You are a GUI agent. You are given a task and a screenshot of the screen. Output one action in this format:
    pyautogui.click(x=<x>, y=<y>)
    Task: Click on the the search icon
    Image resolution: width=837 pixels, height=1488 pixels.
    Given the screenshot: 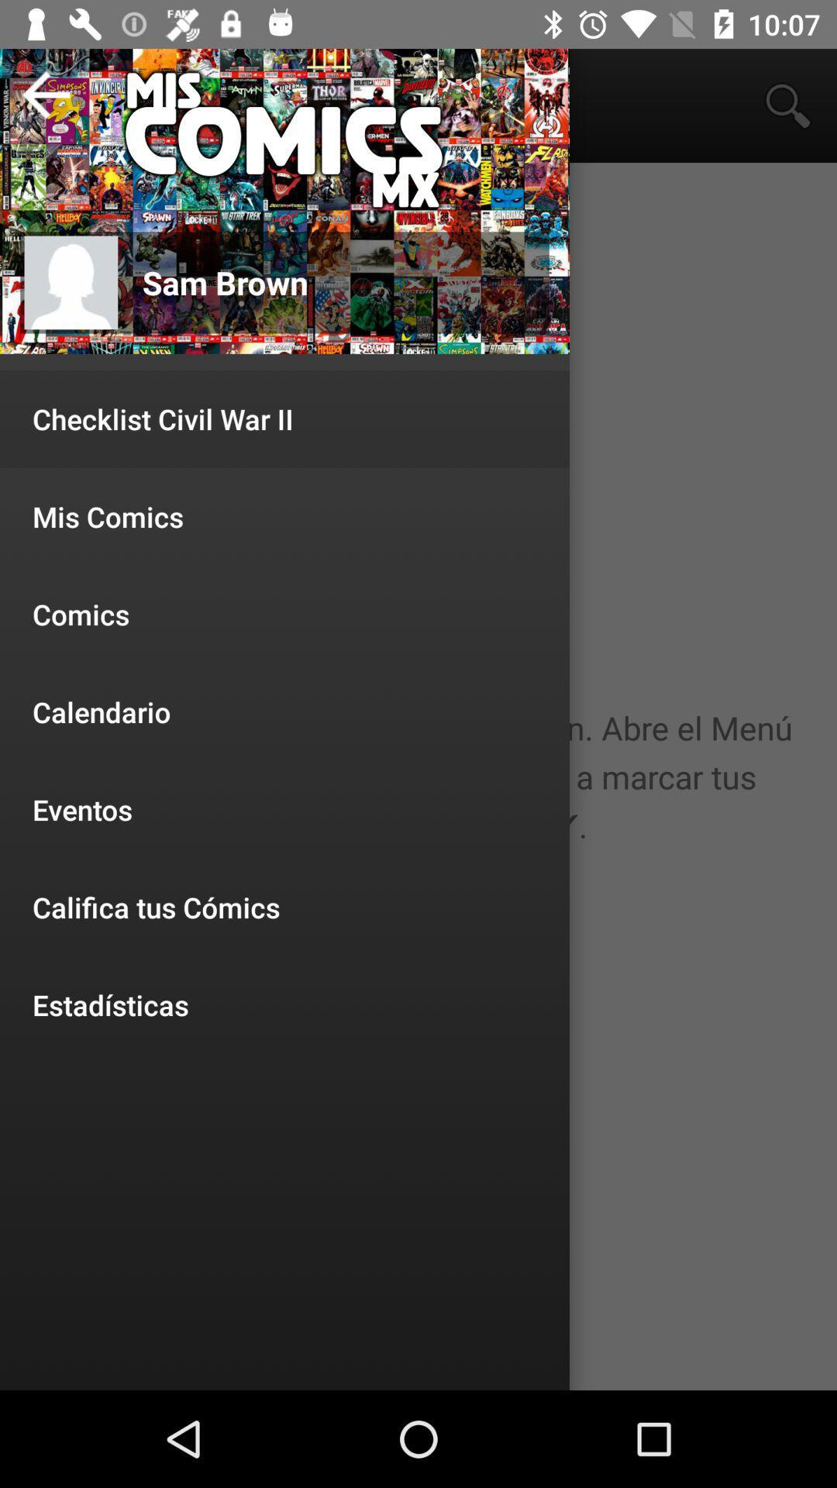 What is the action you would take?
    pyautogui.click(x=788, y=105)
    